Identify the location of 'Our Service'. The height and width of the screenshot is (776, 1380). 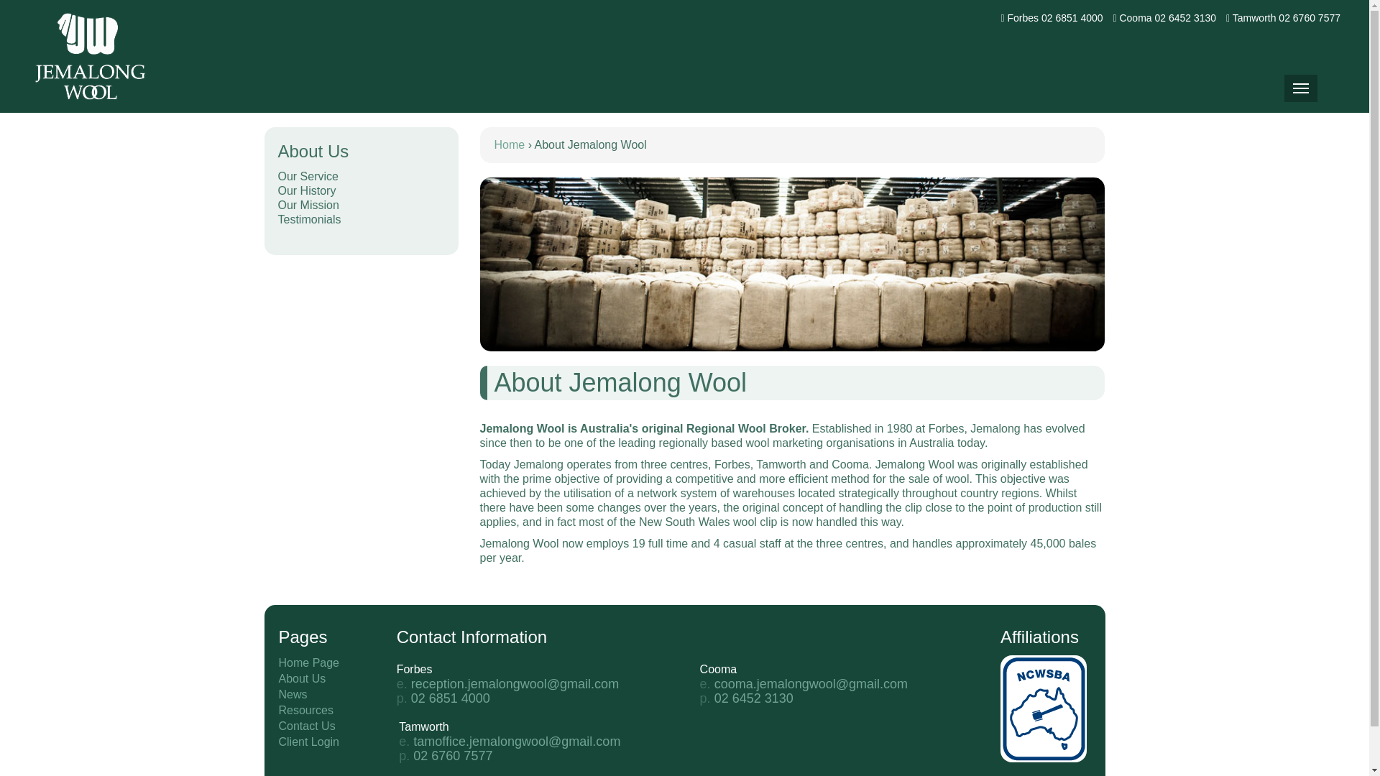
(361, 176).